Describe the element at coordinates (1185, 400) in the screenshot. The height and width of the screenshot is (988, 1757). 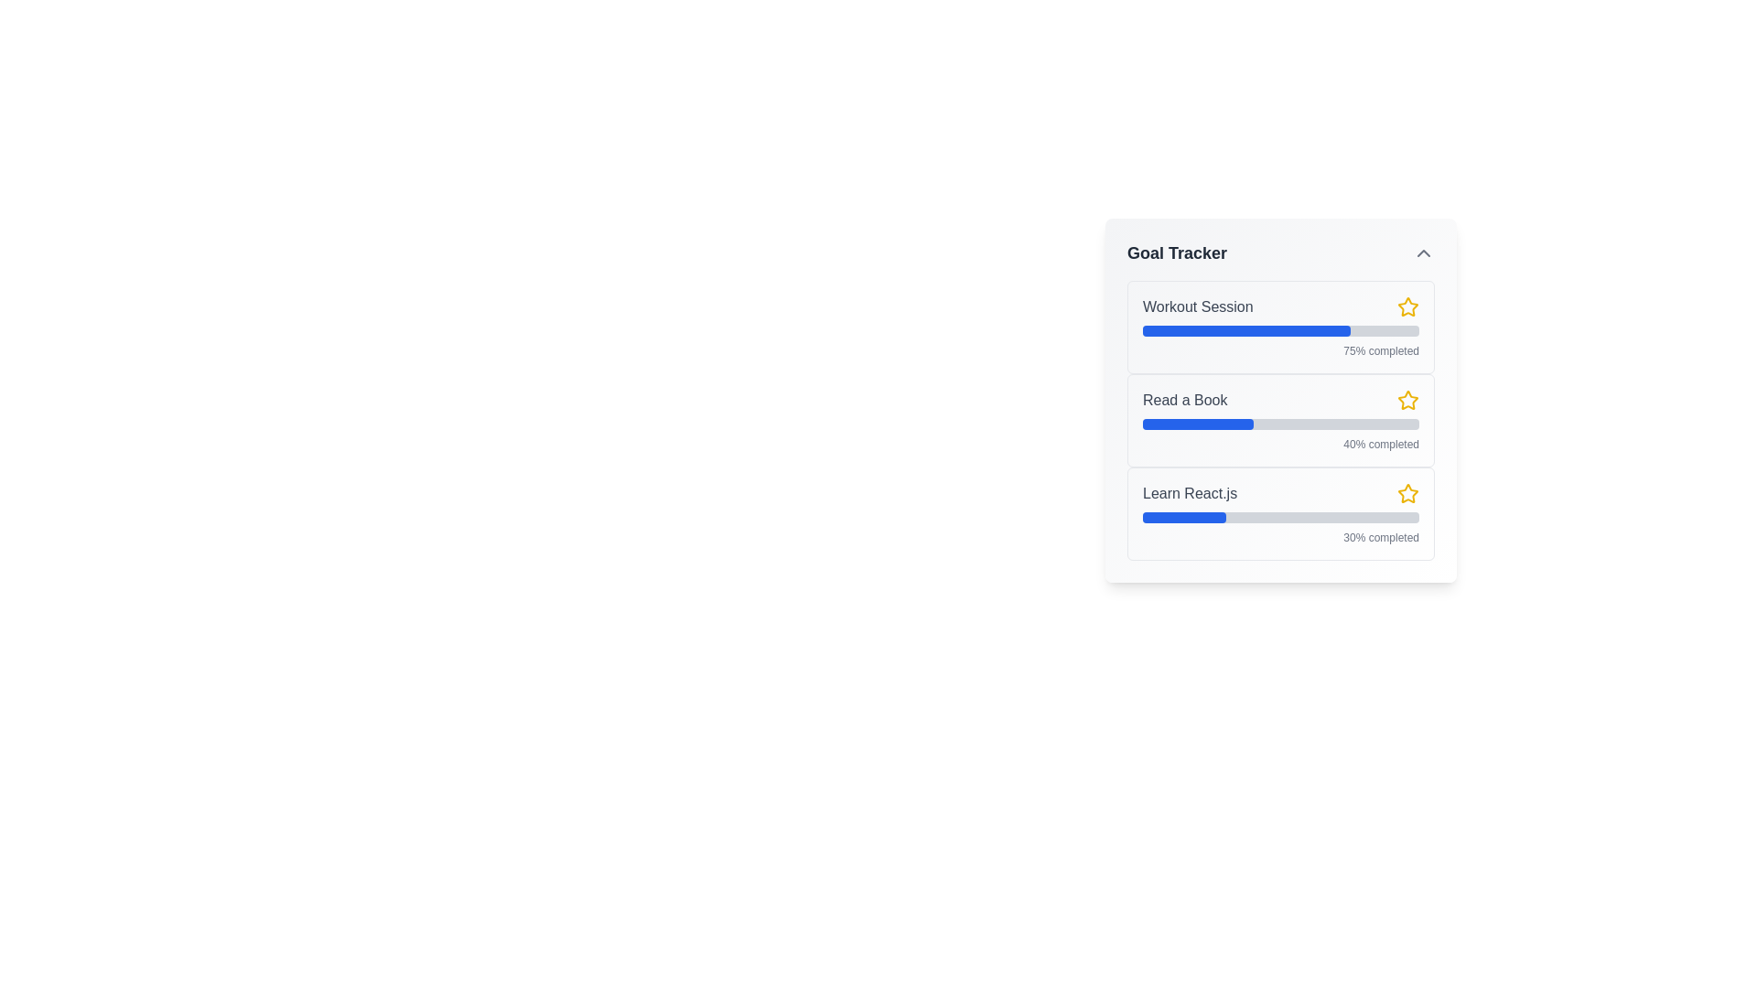
I see `the text label in the 'Goal Tracker' section that describes the related goal, positioned to the left of a yellow star icon and above a blue progress bar` at that location.